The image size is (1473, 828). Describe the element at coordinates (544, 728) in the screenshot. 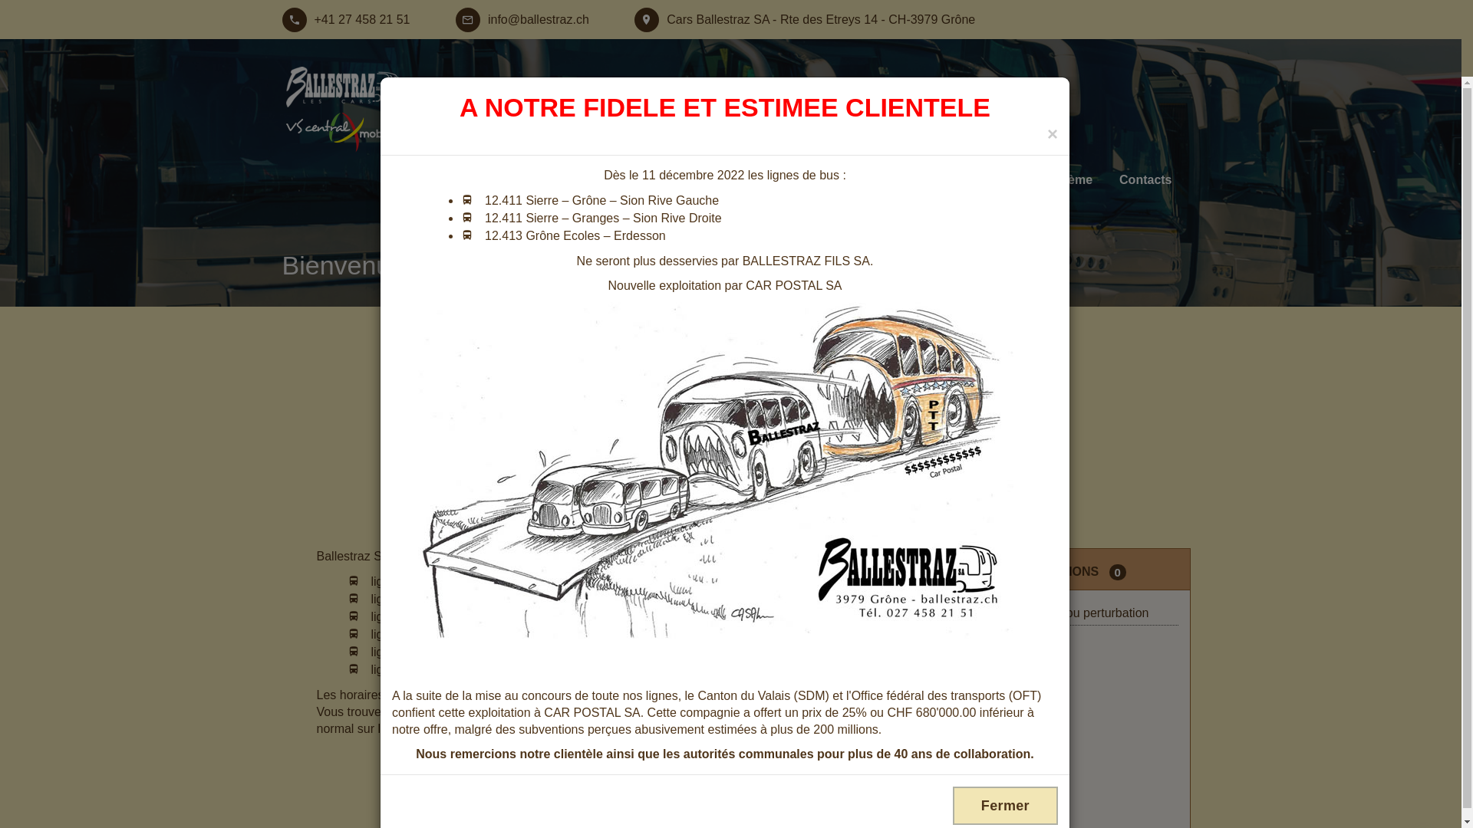

I see `'site des CFF'` at that location.